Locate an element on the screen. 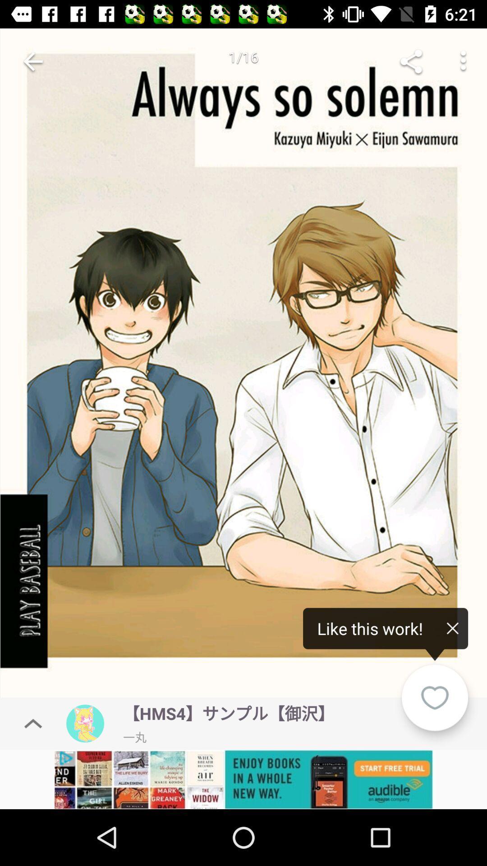  share work is located at coordinates (411, 61).